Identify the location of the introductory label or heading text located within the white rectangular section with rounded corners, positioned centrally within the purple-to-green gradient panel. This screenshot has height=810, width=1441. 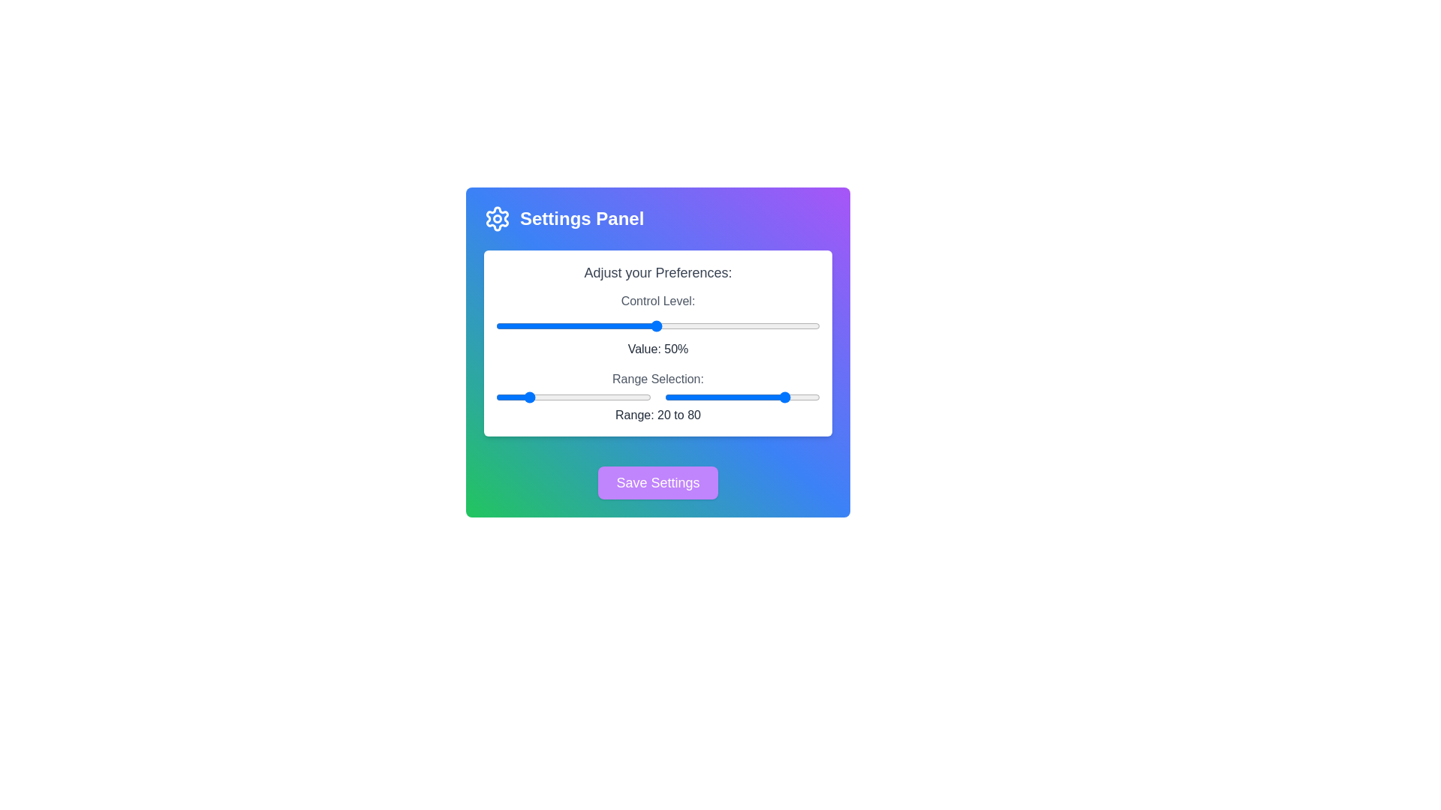
(658, 272).